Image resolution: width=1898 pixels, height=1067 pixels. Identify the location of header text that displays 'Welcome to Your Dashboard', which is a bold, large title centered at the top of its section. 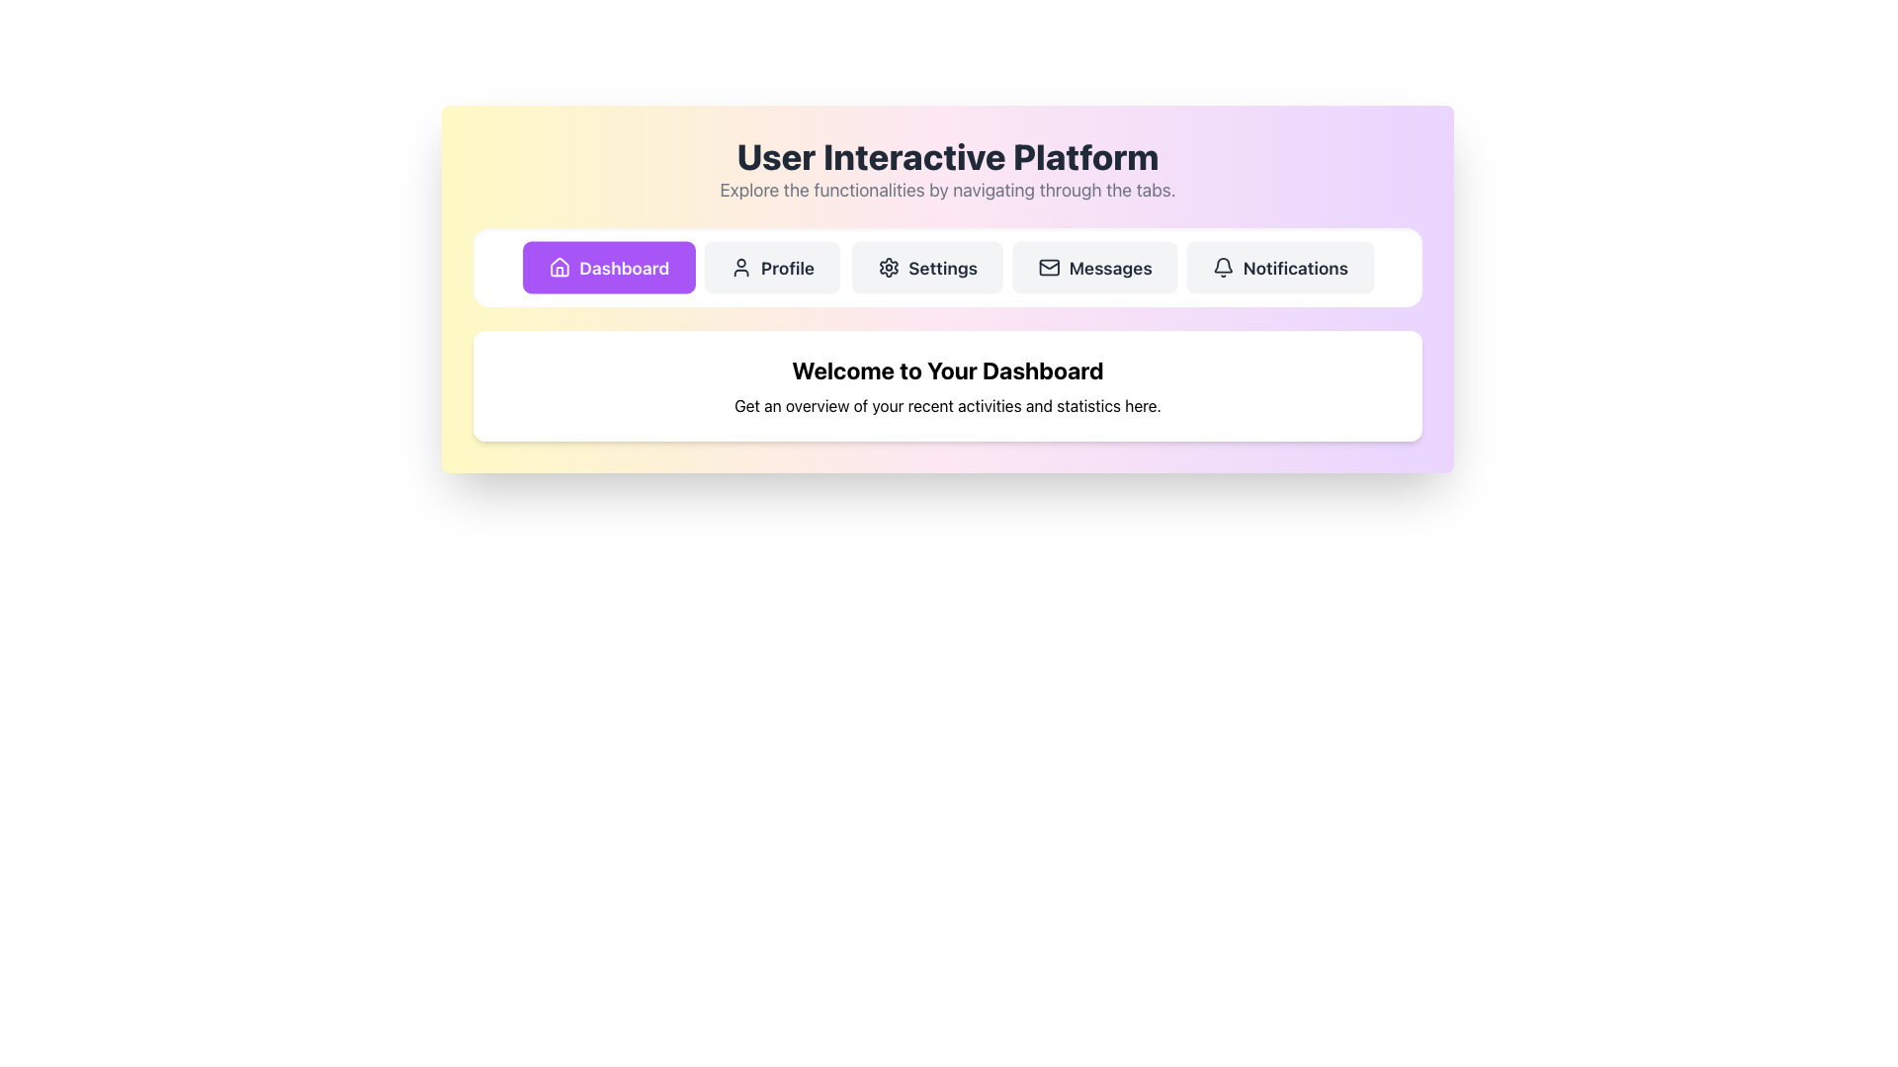
(947, 369).